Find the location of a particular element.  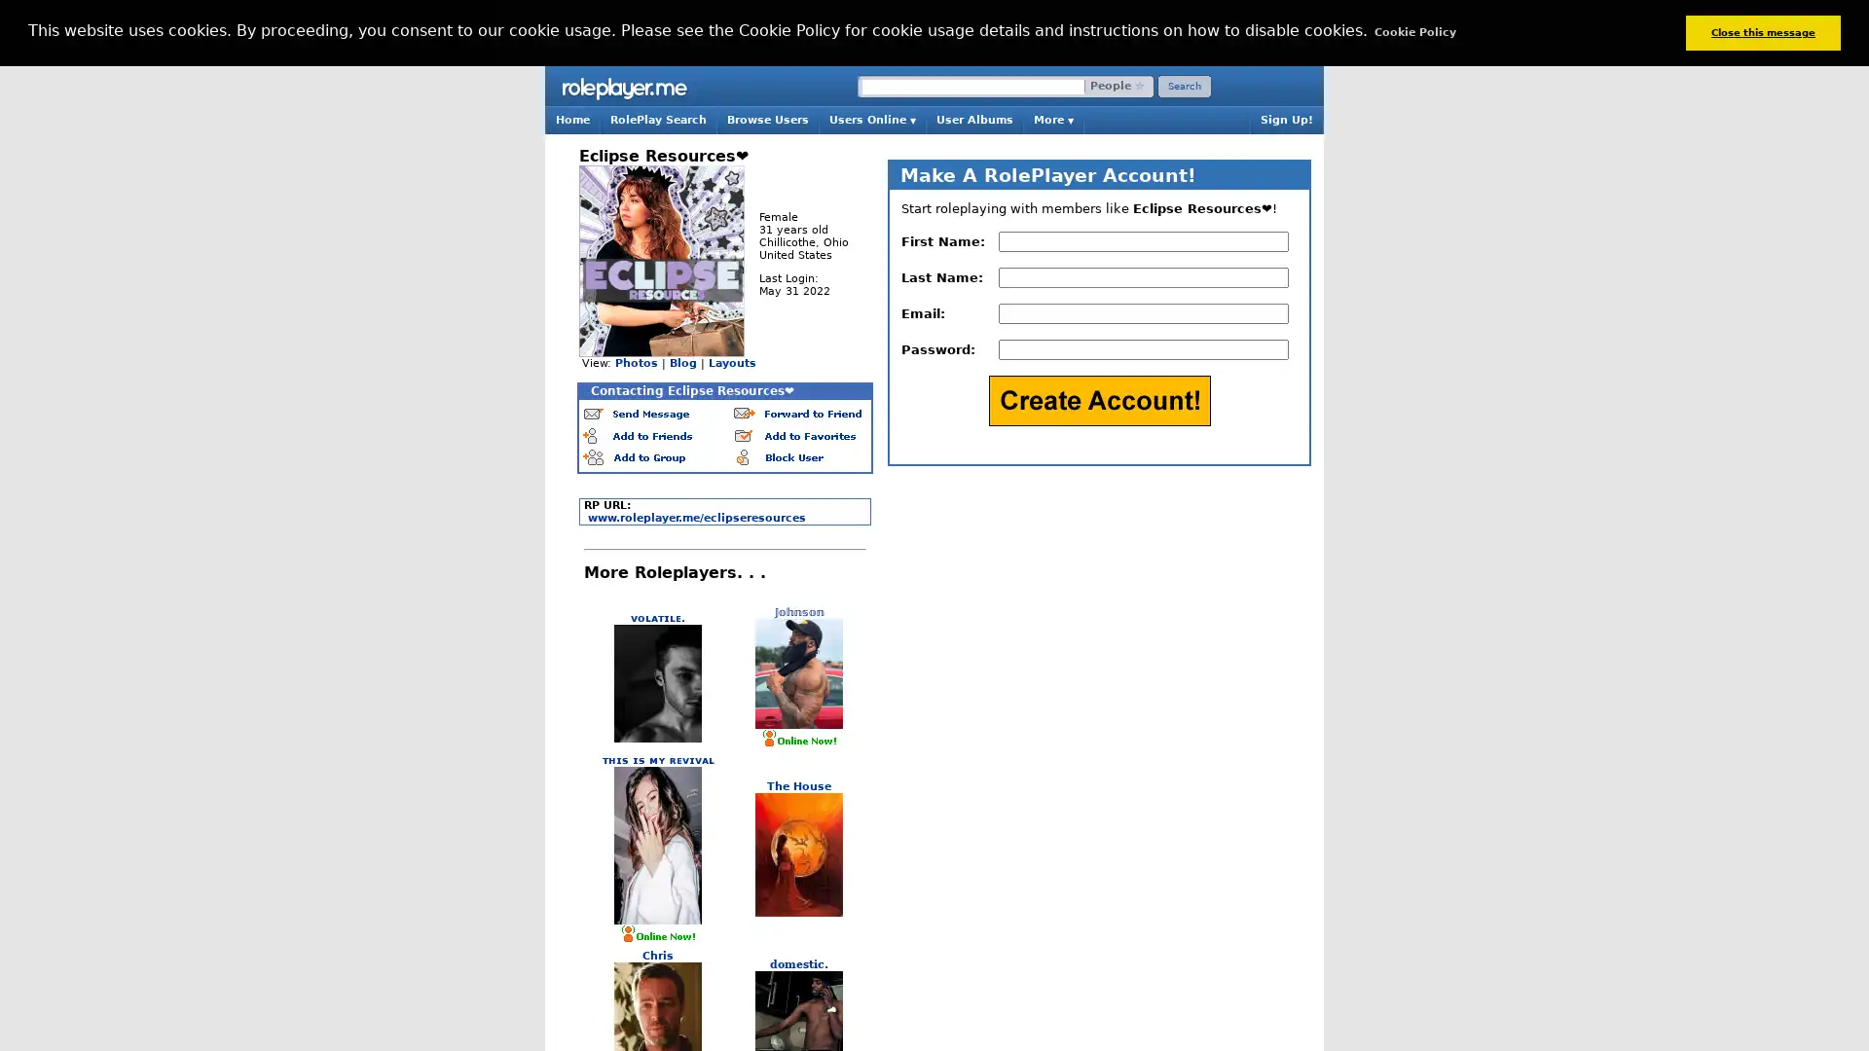

dismiss cookie message is located at coordinates (1762, 32).